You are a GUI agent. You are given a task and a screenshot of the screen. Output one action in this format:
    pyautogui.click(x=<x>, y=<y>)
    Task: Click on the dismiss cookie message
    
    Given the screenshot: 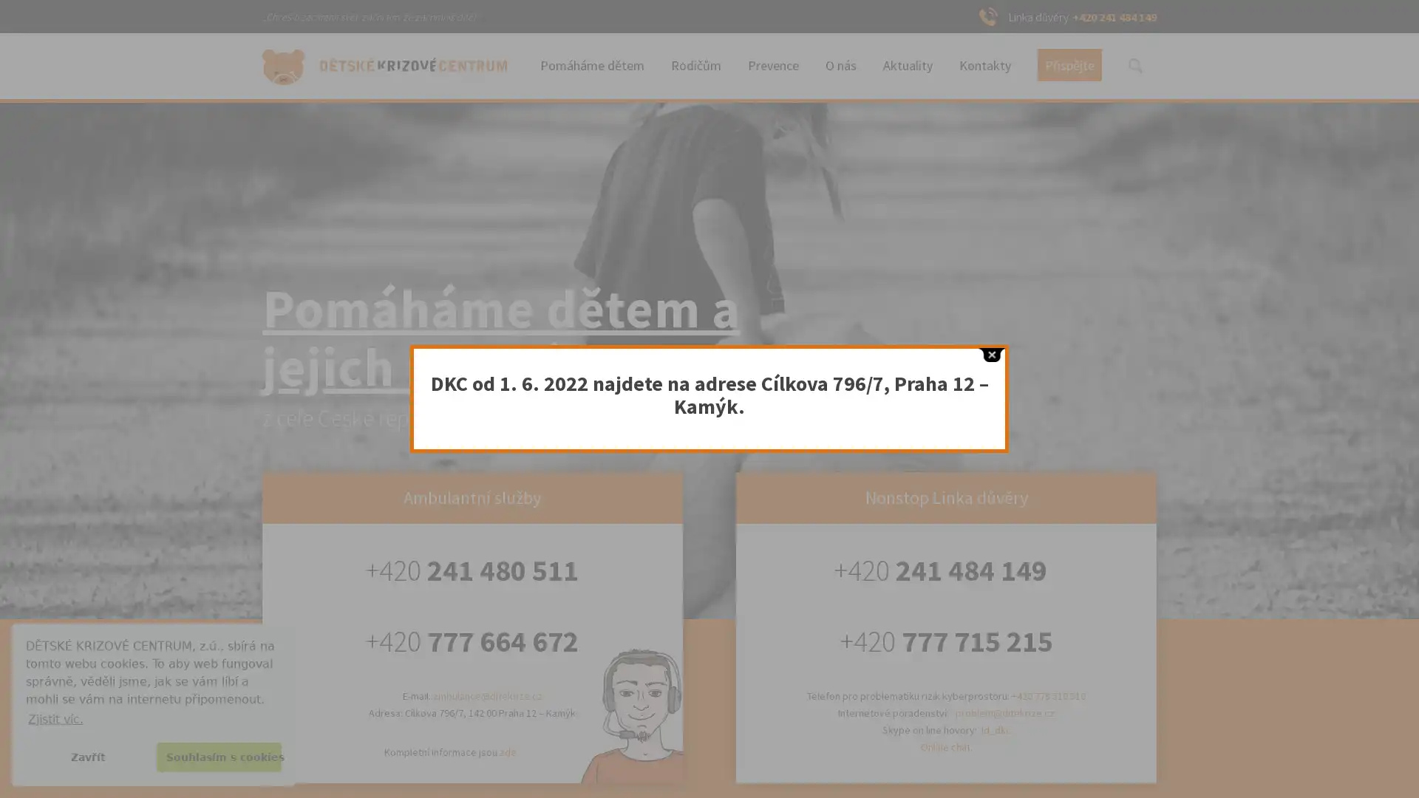 What is the action you would take?
    pyautogui.click(x=87, y=757)
    